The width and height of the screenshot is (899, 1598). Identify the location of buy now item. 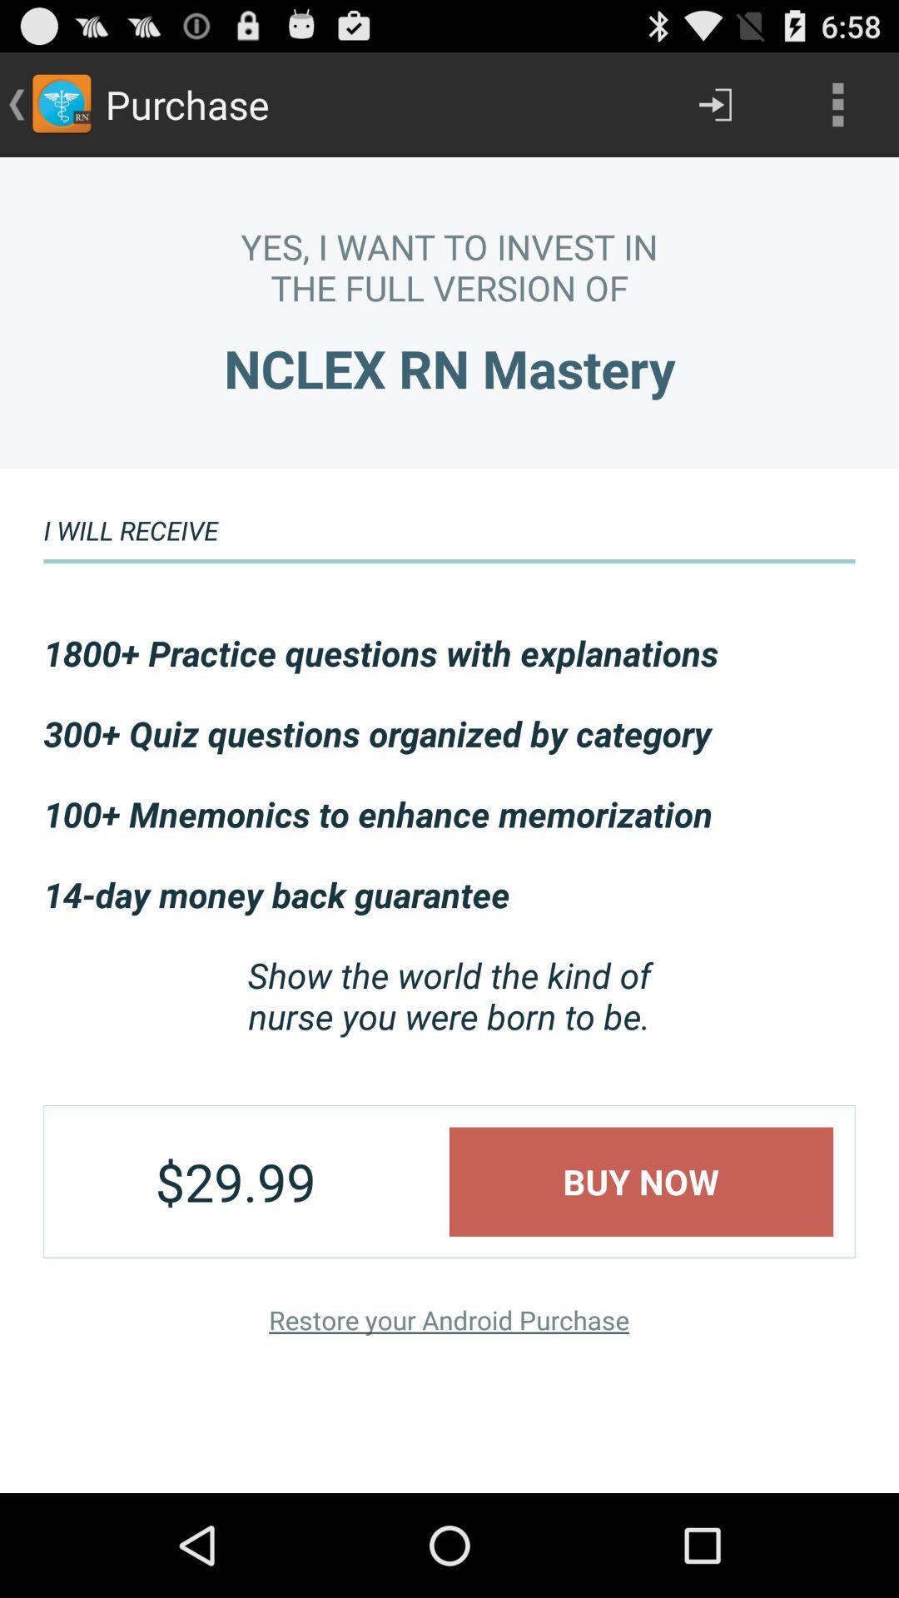
(640, 1181).